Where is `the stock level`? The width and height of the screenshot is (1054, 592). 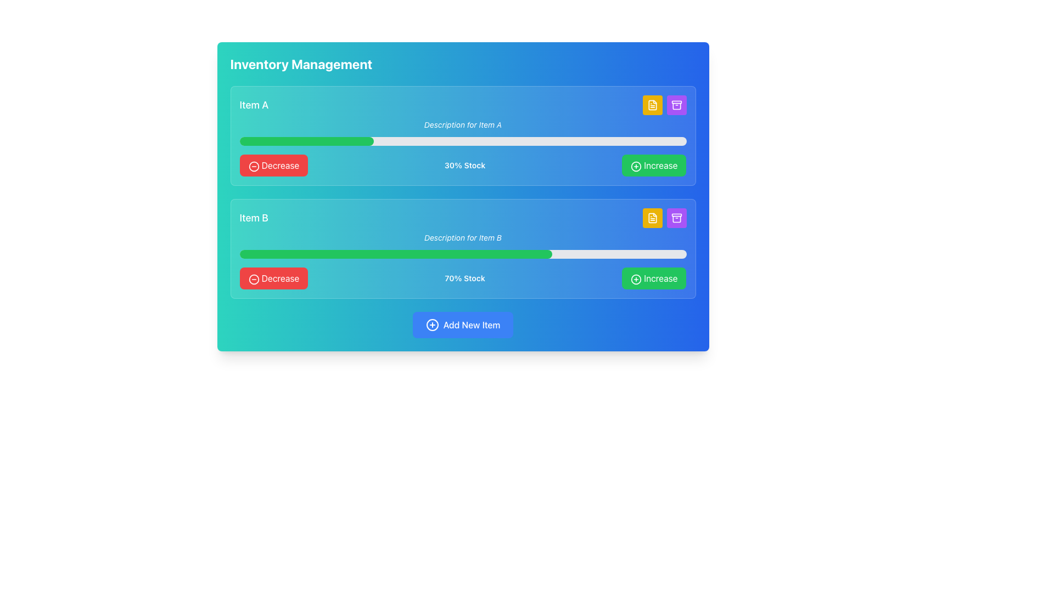 the stock level is located at coordinates (592, 141).